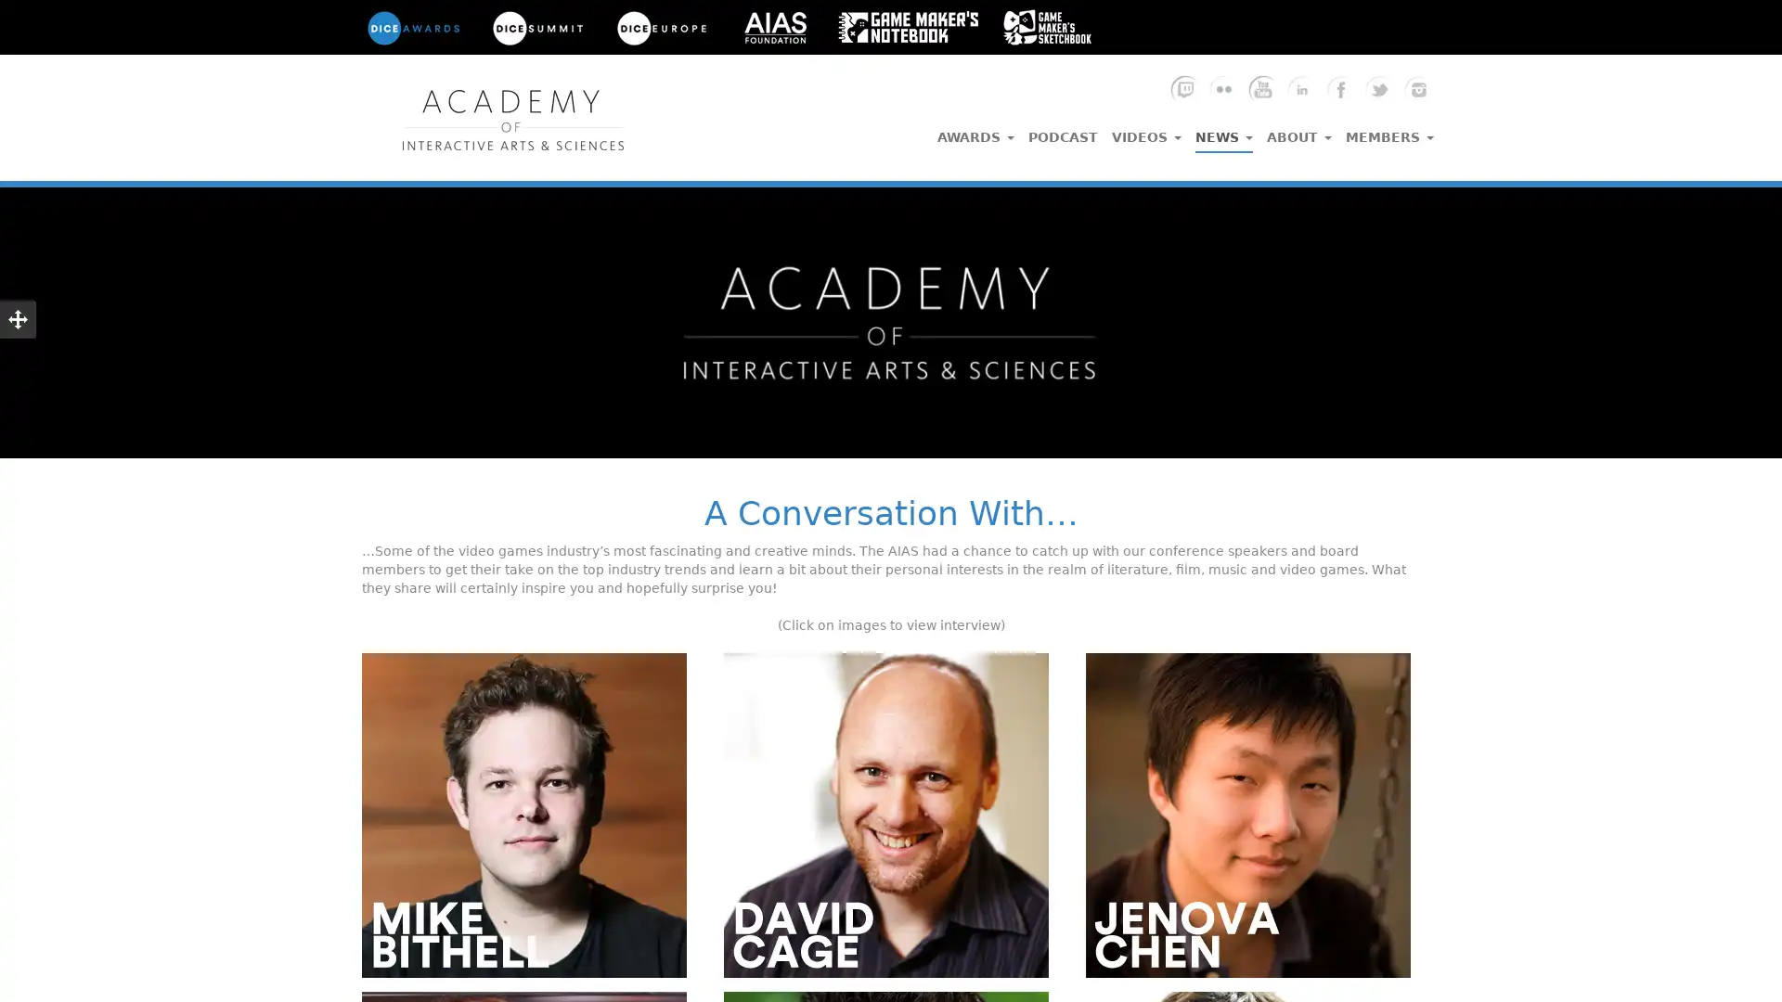 The height and width of the screenshot is (1002, 1782). Describe the element at coordinates (975, 131) in the screenshot. I see `AWARDS` at that location.